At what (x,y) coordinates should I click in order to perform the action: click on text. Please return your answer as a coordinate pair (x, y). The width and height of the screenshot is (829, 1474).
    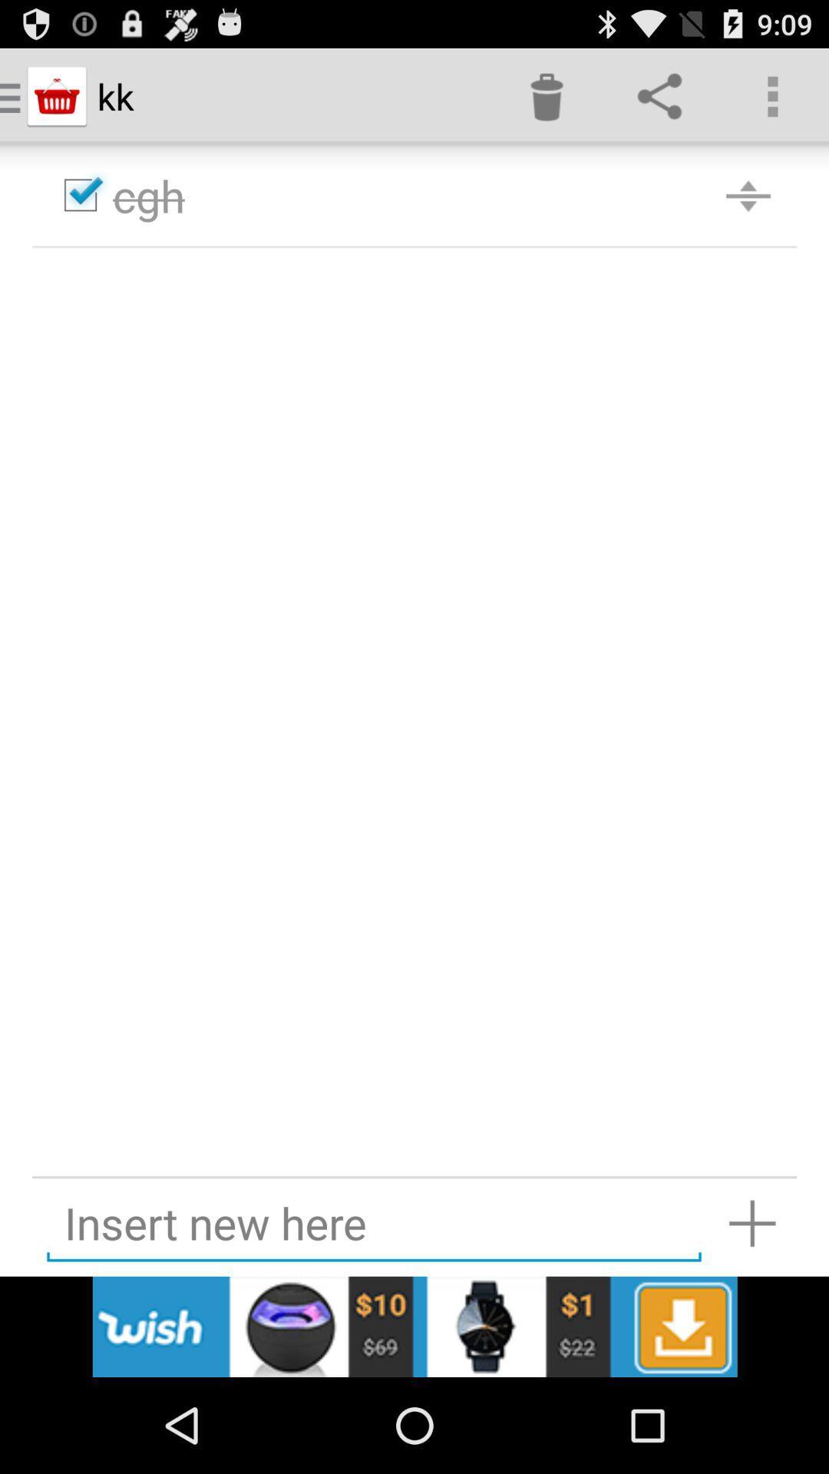
    Looking at the image, I should click on (374, 1222).